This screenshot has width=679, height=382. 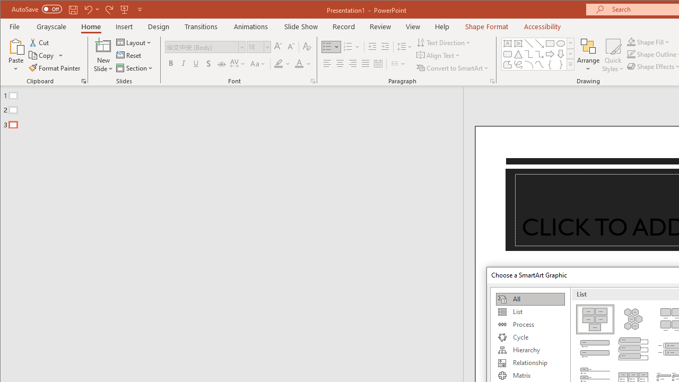 I want to click on 'Paste', so click(x=16, y=55).